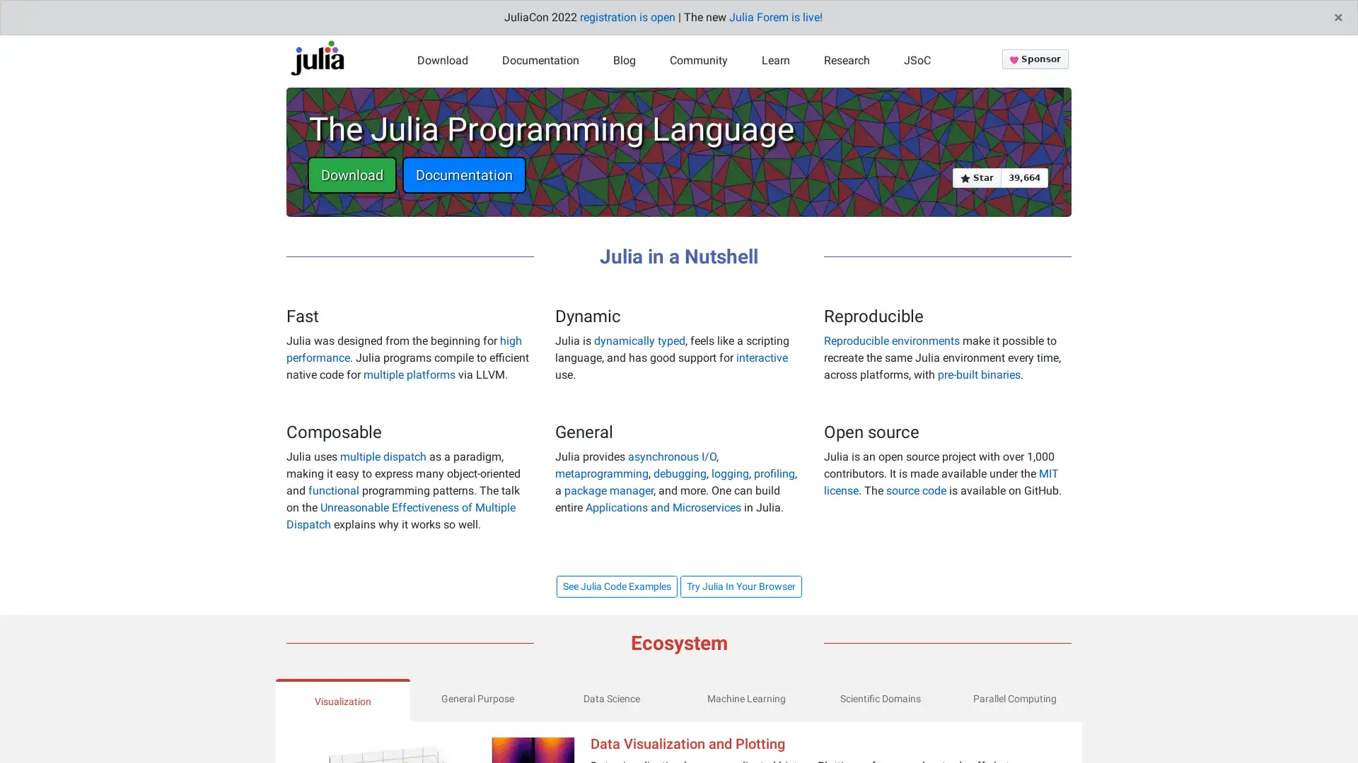  What do you see at coordinates (464, 173) in the screenshot?
I see `Documentation` at bounding box center [464, 173].